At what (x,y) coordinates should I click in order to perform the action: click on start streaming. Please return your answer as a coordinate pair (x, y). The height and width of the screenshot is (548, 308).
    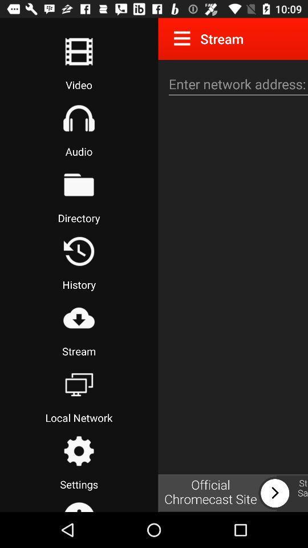
    Looking at the image, I should click on (78, 318).